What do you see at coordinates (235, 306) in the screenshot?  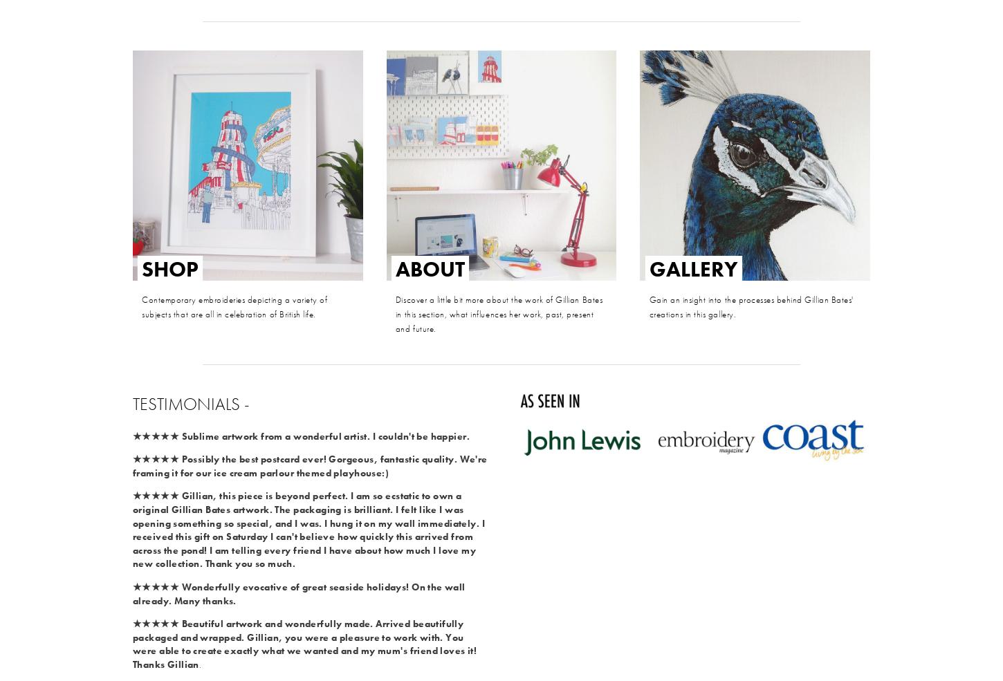 I see `'Contemporary embroideries depicting a variety of subjects that are all in celebration of British life.'` at bounding box center [235, 306].